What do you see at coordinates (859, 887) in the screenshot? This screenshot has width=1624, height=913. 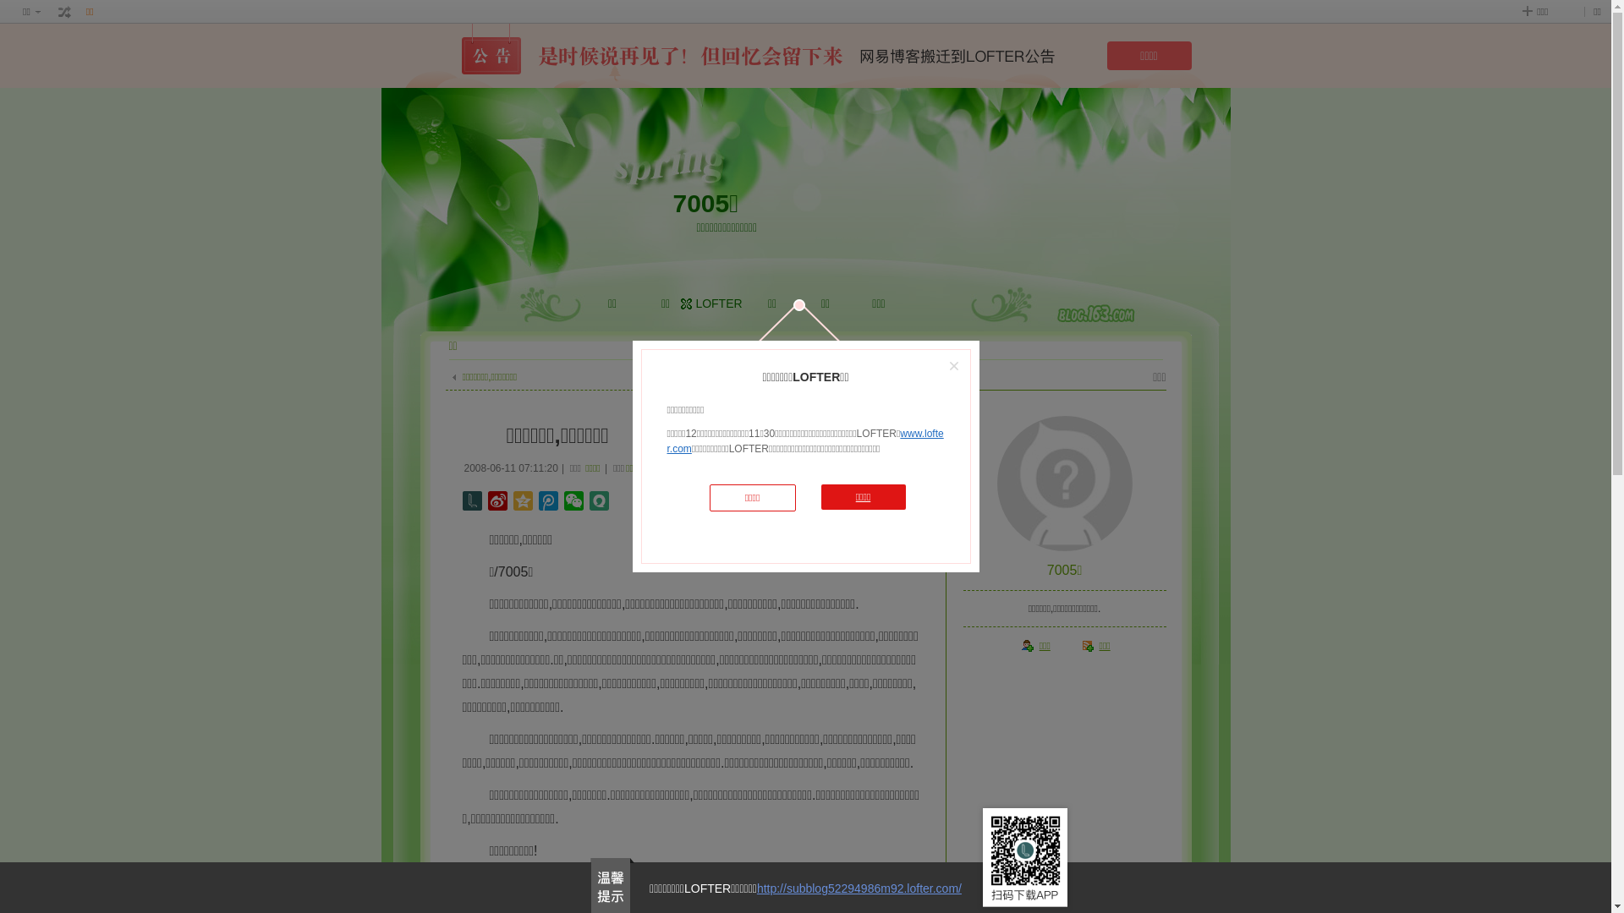 I see `'http://subblog52294986m92.lofter.com/'` at bounding box center [859, 887].